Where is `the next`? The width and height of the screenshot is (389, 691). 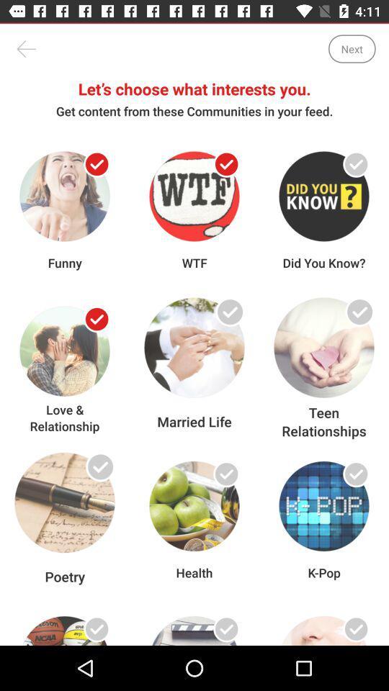
the next is located at coordinates (351, 49).